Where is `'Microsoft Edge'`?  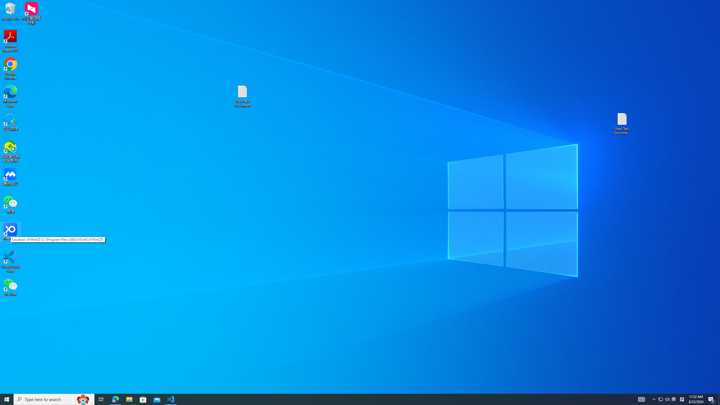
'Microsoft Edge' is located at coordinates (10, 96).